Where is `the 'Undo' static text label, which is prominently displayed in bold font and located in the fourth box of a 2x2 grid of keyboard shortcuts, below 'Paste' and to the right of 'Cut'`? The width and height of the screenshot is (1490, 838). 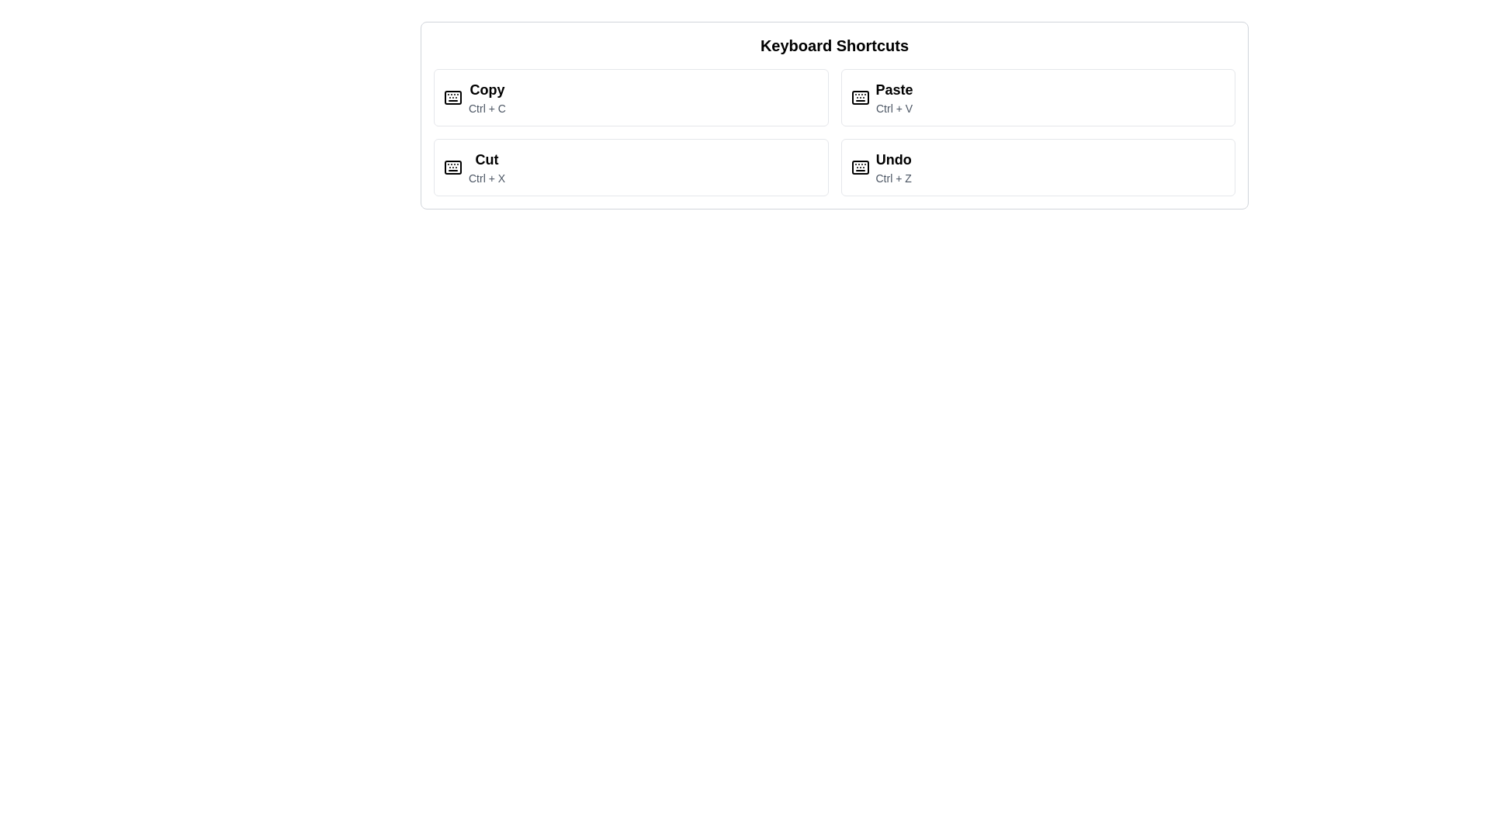 the 'Undo' static text label, which is prominently displayed in bold font and located in the fourth box of a 2x2 grid of keyboard shortcuts, below 'Paste' and to the right of 'Cut' is located at coordinates (893, 159).